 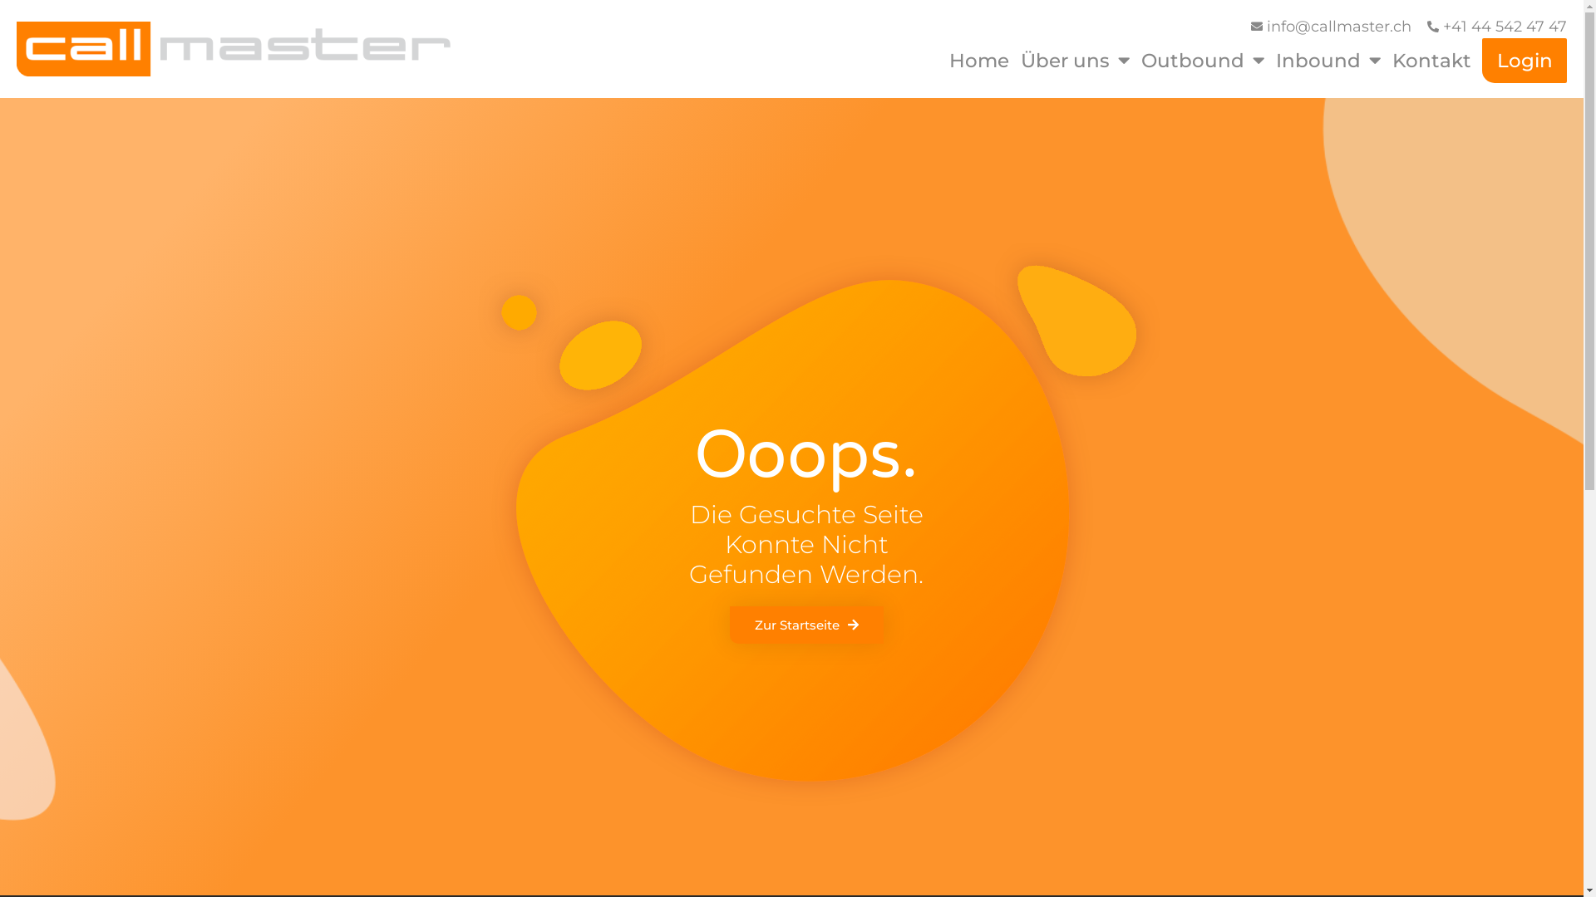 I want to click on 'Home', so click(x=978, y=60).